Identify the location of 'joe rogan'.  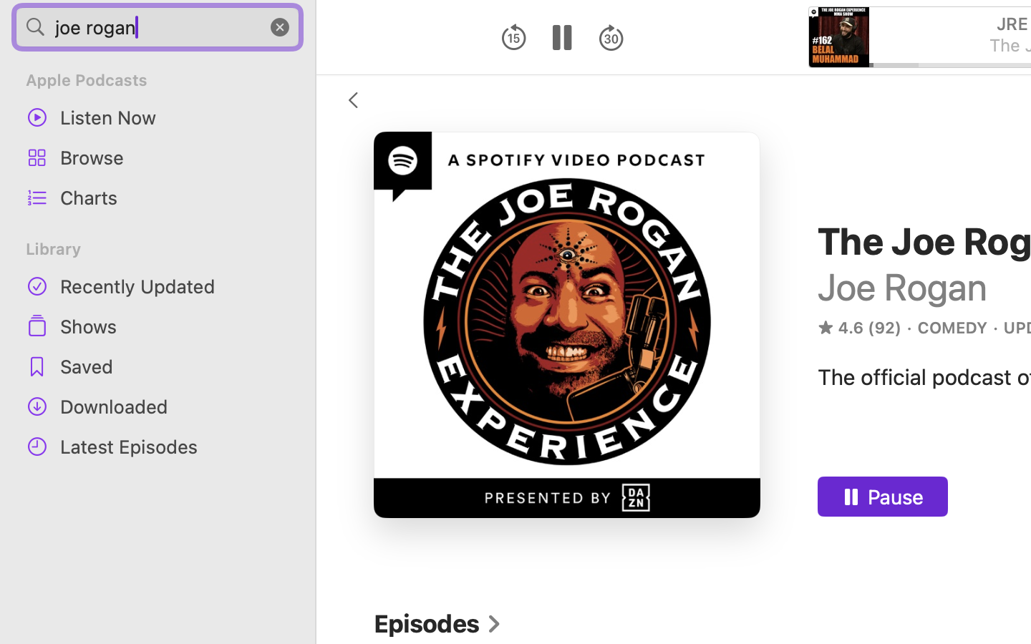
(158, 26).